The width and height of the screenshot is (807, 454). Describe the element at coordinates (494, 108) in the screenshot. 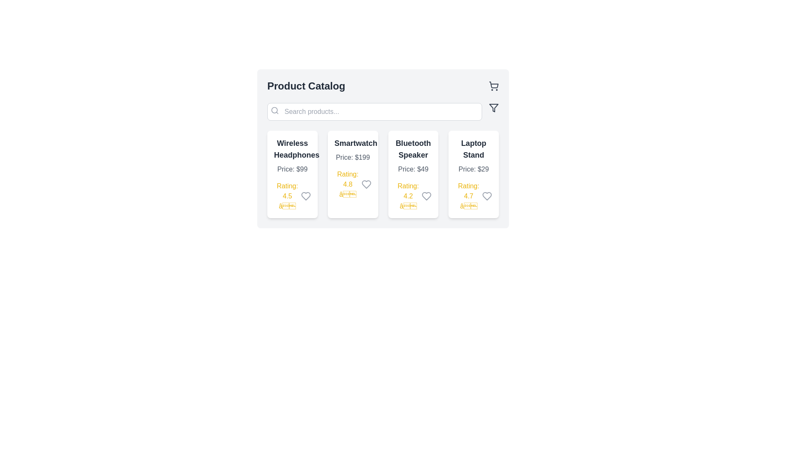

I see `the filter icon located at the top-right corner of the header area` at that location.